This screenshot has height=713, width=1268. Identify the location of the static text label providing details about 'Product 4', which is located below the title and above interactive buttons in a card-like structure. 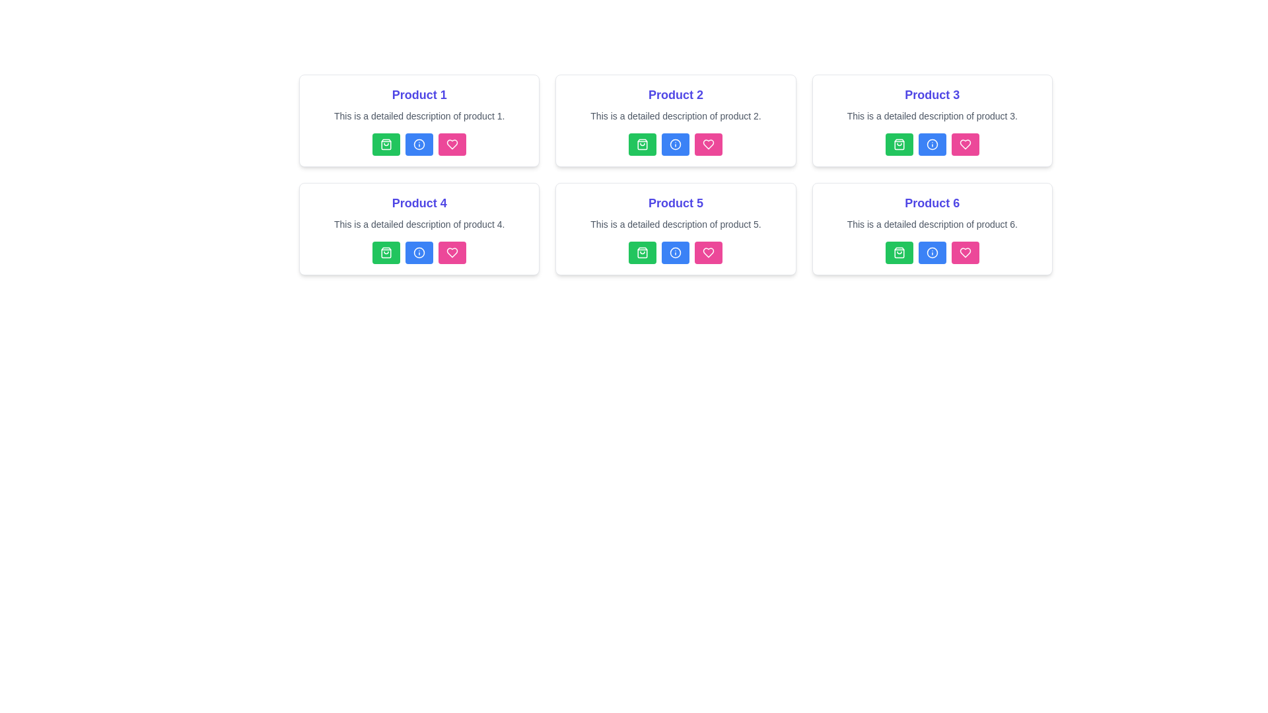
(419, 223).